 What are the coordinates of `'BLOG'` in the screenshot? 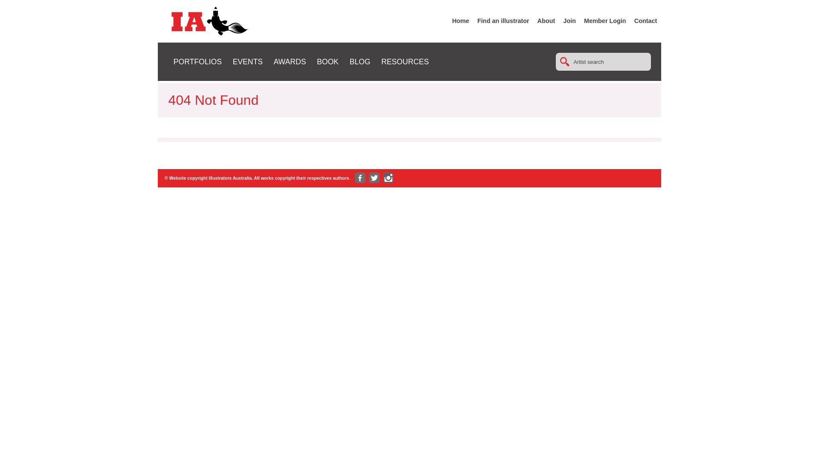 It's located at (360, 61).